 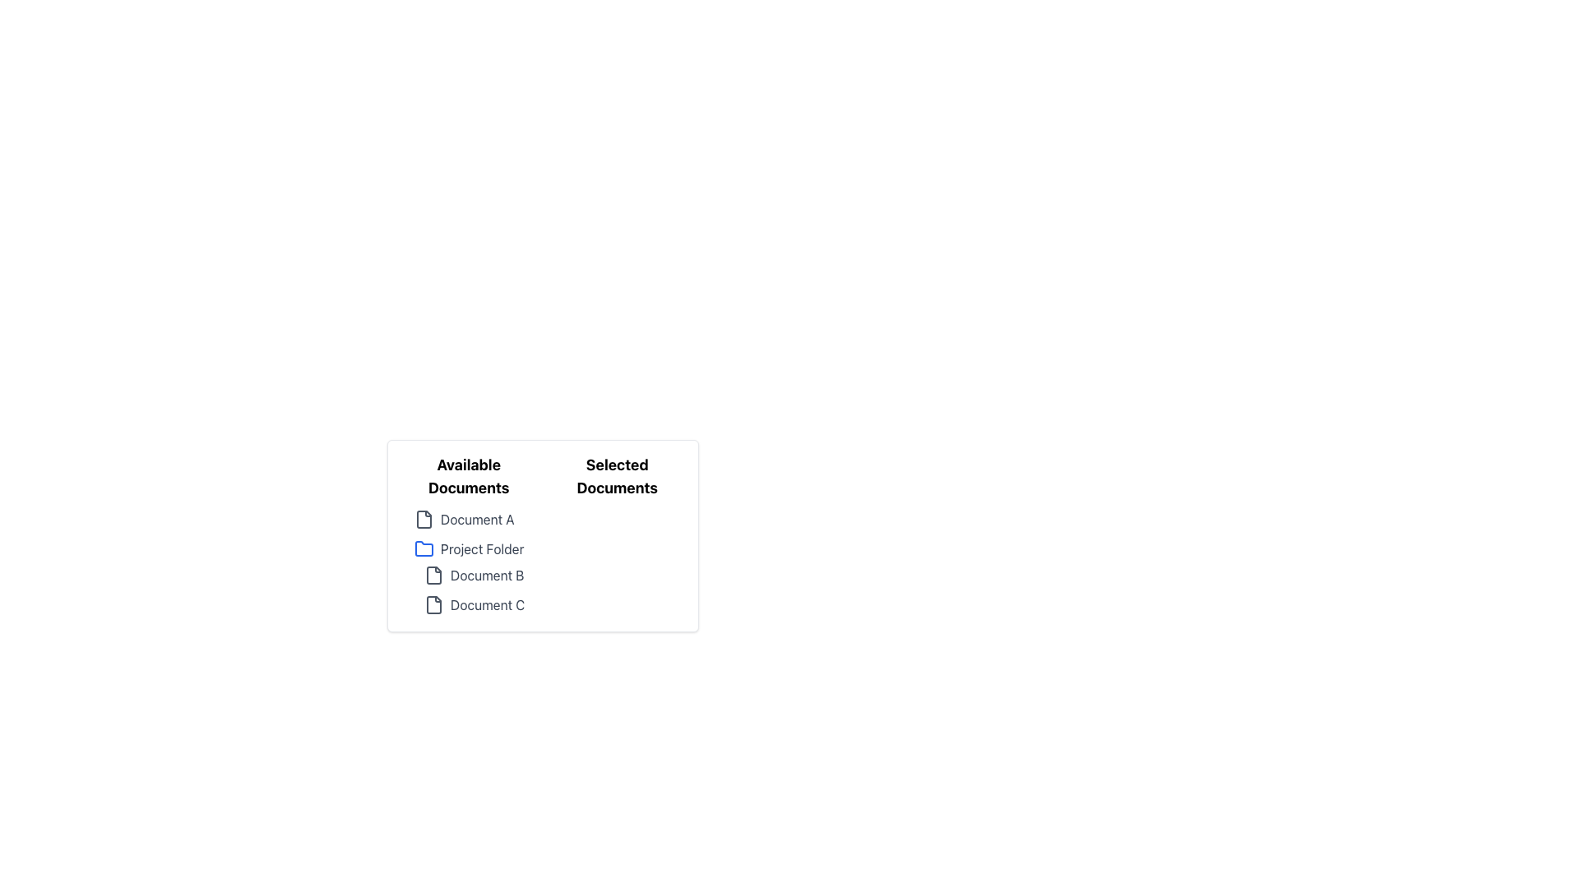 What do you see at coordinates (486, 574) in the screenshot?
I see `the text label that represents 'Document B' in the 'Available Documents' section` at bounding box center [486, 574].